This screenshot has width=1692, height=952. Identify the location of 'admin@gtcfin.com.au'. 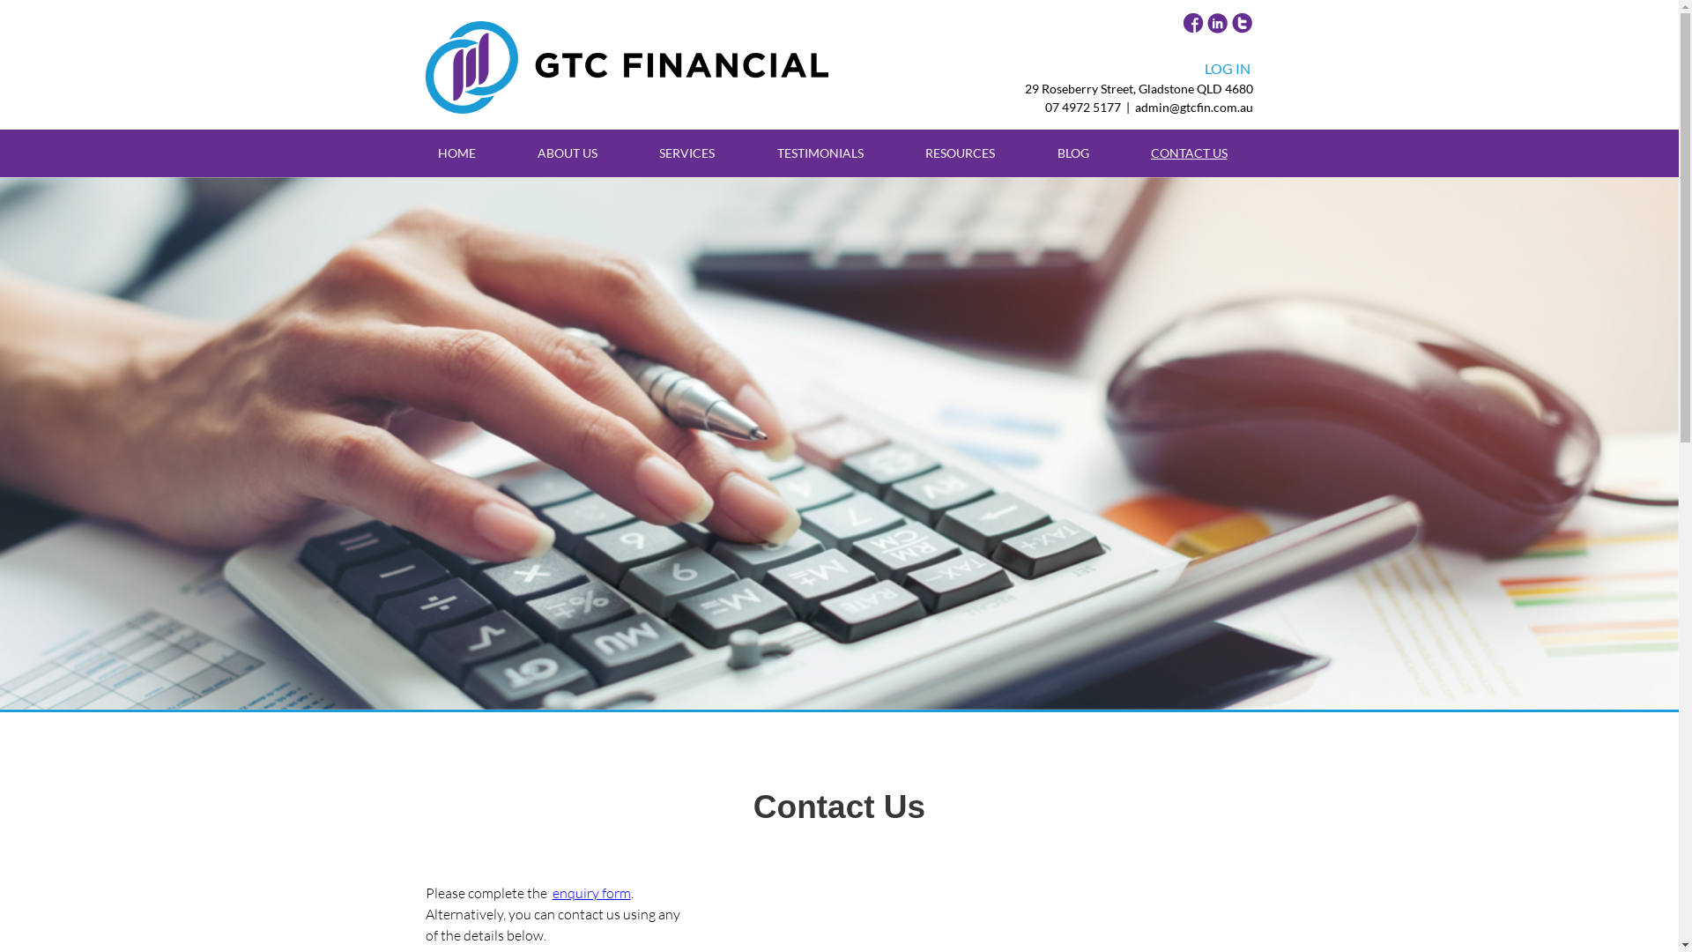
(1193, 106).